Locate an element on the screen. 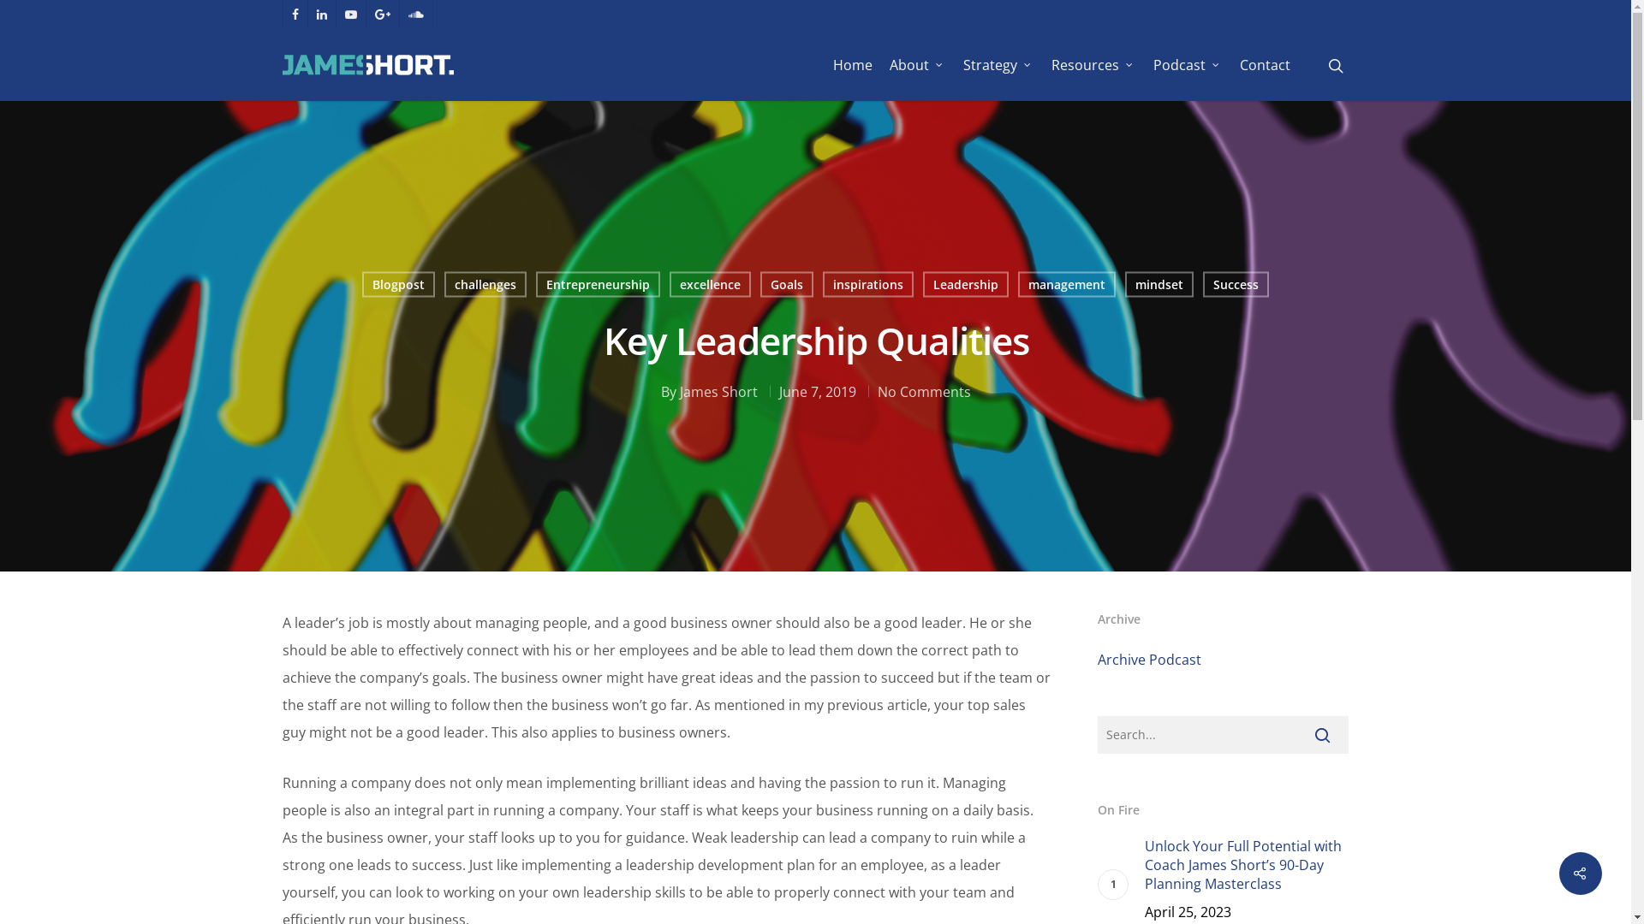 Image resolution: width=1644 pixels, height=924 pixels. 'Entrepreneurship' is located at coordinates (534, 283).